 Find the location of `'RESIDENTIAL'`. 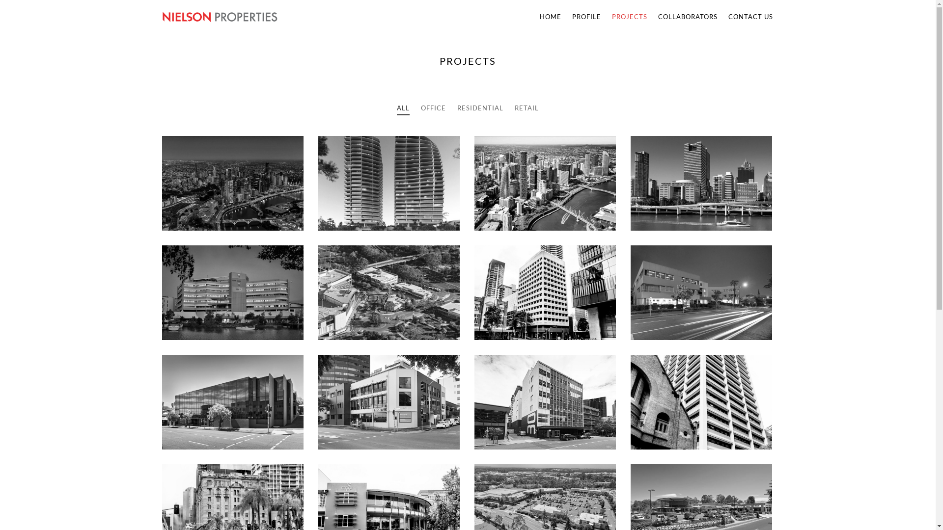

'RESIDENTIAL' is located at coordinates (480, 107).